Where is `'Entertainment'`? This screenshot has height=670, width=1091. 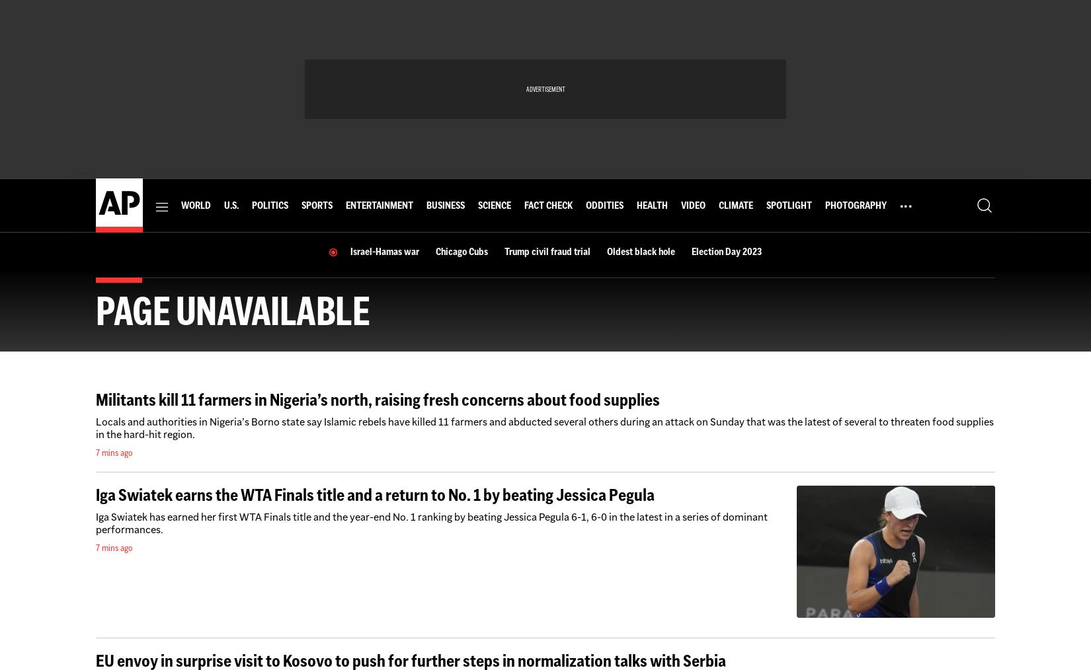 'Entertainment' is located at coordinates (378, 205).